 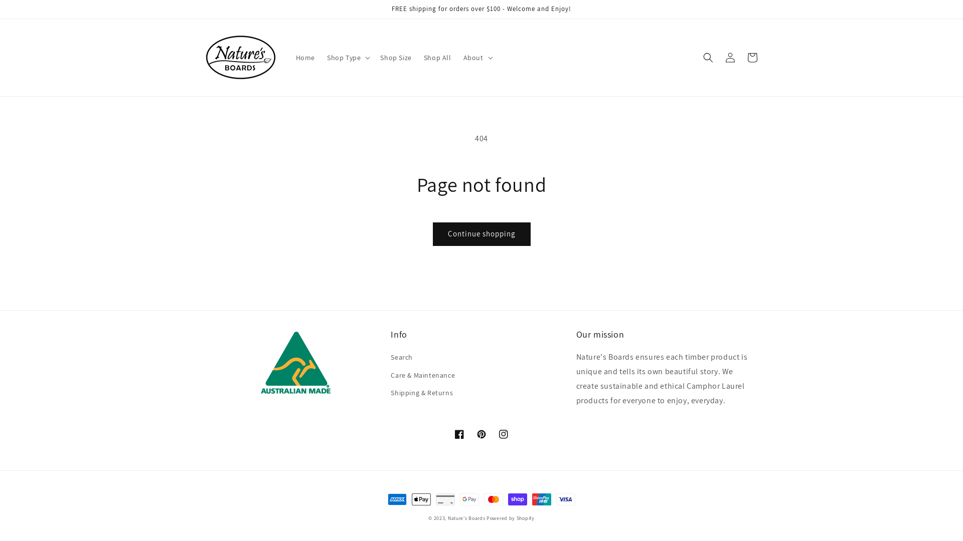 What do you see at coordinates (390, 358) in the screenshot?
I see `'Search'` at bounding box center [390, 358].